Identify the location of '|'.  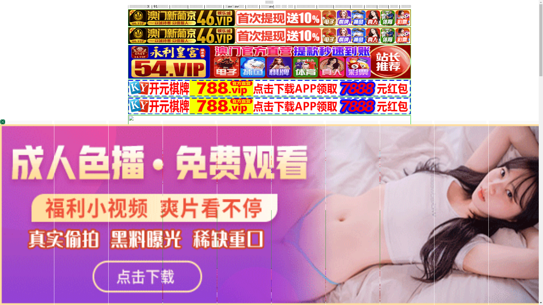
(526, 6).